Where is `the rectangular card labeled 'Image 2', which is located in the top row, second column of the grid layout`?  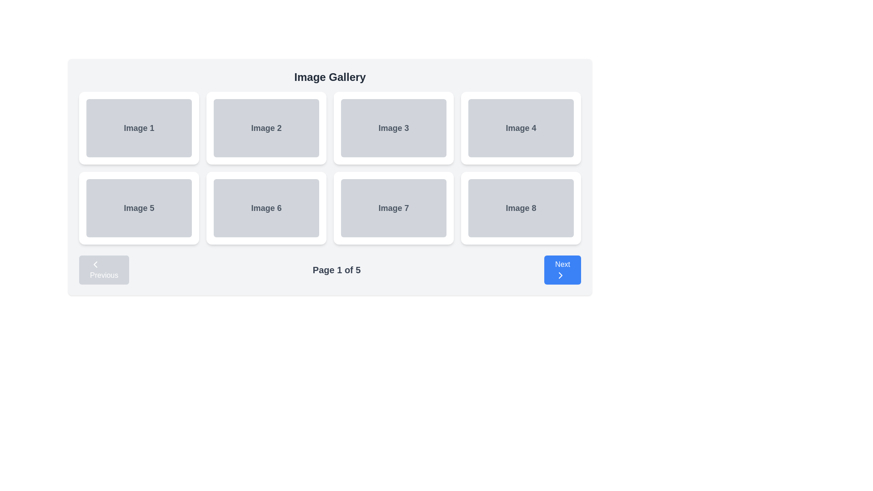 the rectangular card labeled 'Image 2', which is located in the top row, second column of the grid layout is located at coordinates (266, 128).